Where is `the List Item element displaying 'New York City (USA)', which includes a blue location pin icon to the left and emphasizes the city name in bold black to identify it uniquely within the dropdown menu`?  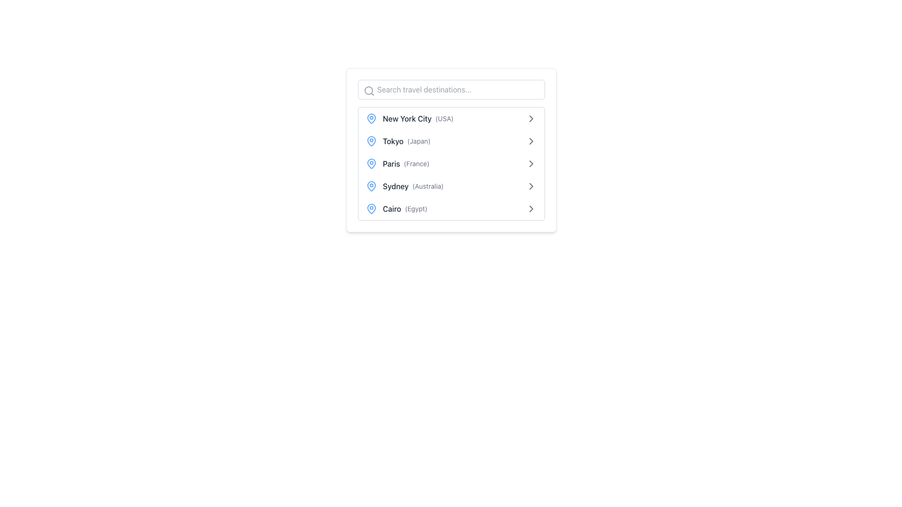
the List Item element displaying 'New York City (USA)', which includes a blue location pin icon to the left and emphasizes the city name in bold black to identify it uniquely within the dropdown menu is located at coordinates (410, 118).